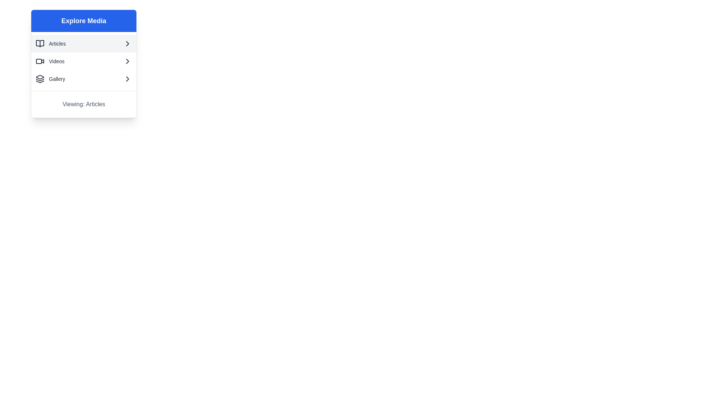  I want to click on the 'Videos' button, which is the second item in the 'Explore Media' list, so click(83, 61).